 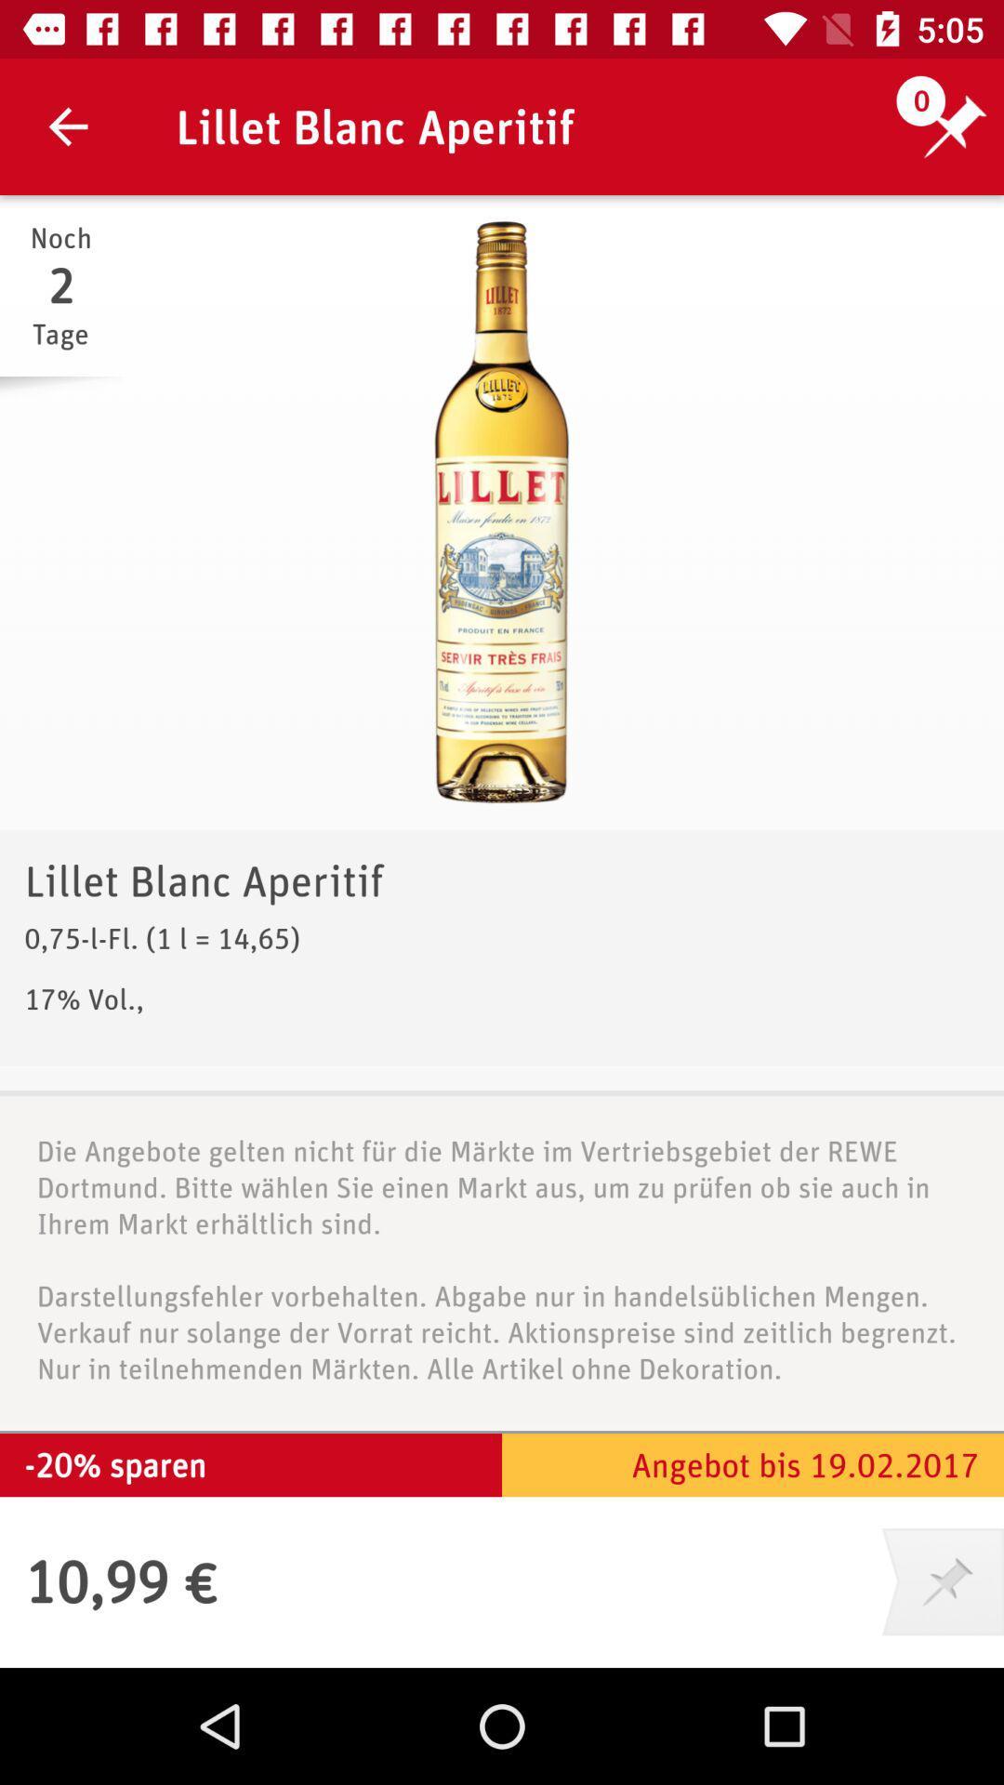 What do you see at coordinates (502, 512) in the screenshot?
I see `icon above lillet blanc aperitif icon` at bounding box center [502, 512].